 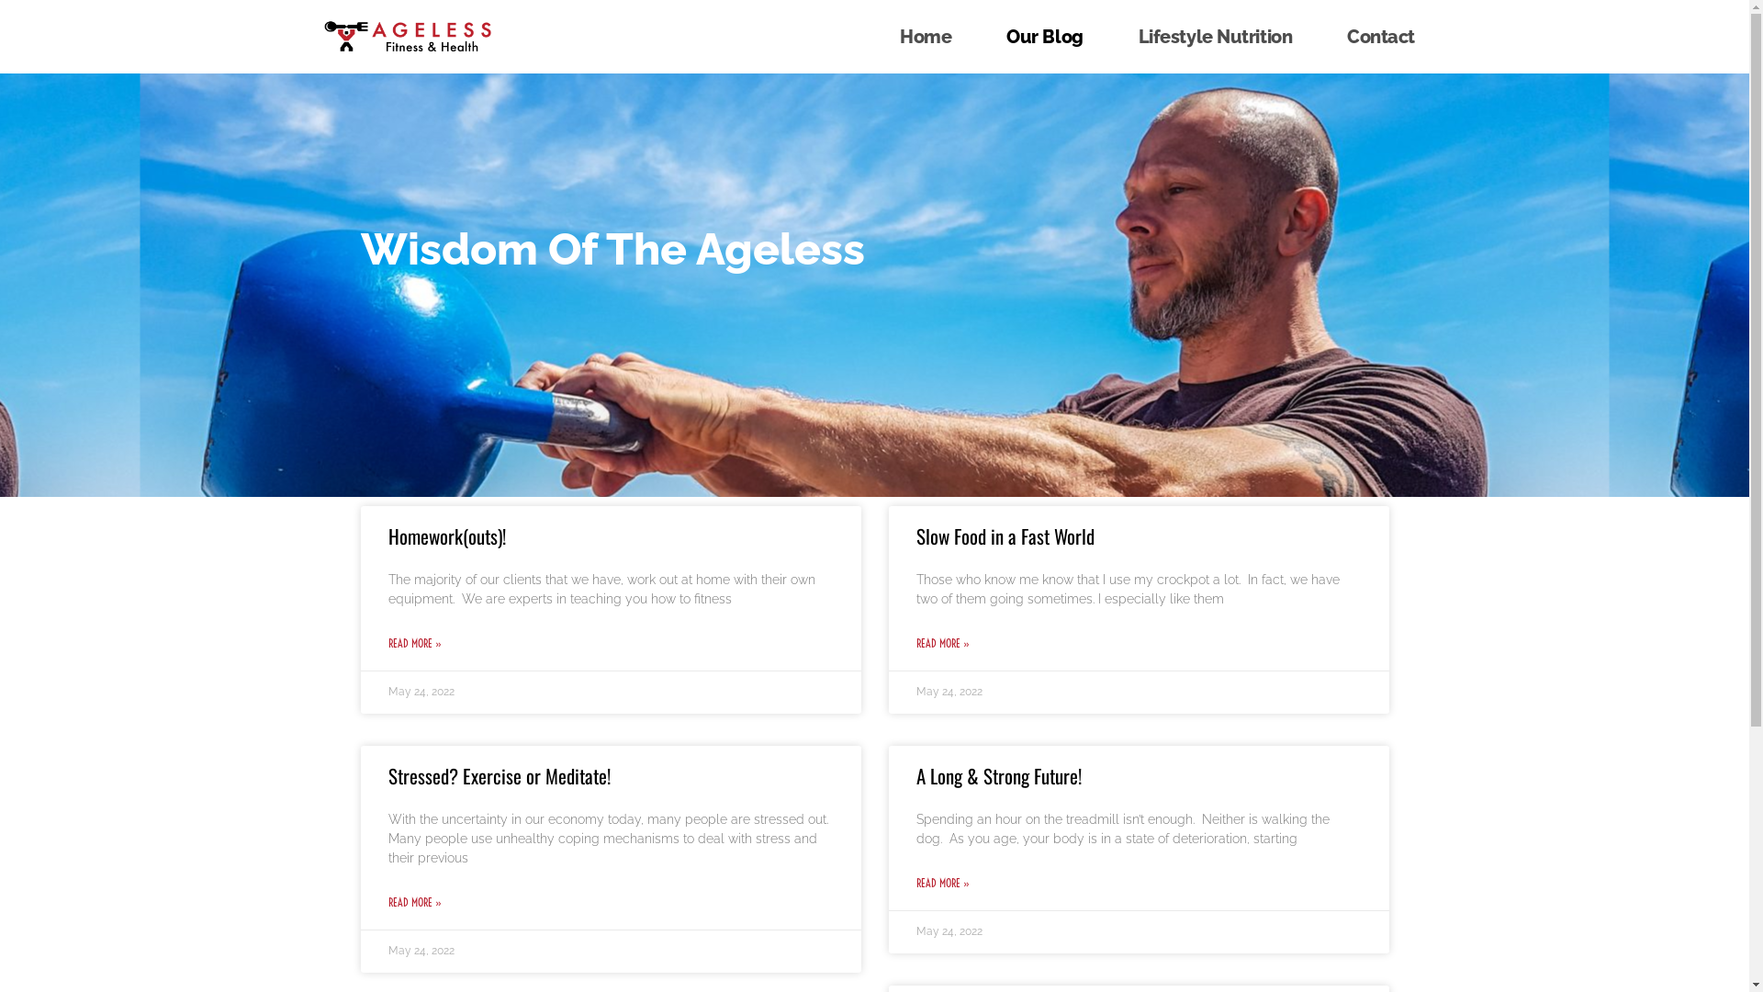 What do you see at coordinates (916, 535) in the screenshot?
I see `'Slow Food in a Fast World'` at bounding box center [916, 535].